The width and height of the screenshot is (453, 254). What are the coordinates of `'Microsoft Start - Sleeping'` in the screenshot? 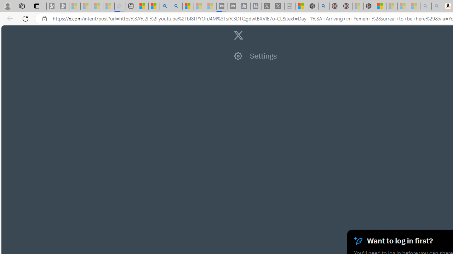 It's located at (199, 6).